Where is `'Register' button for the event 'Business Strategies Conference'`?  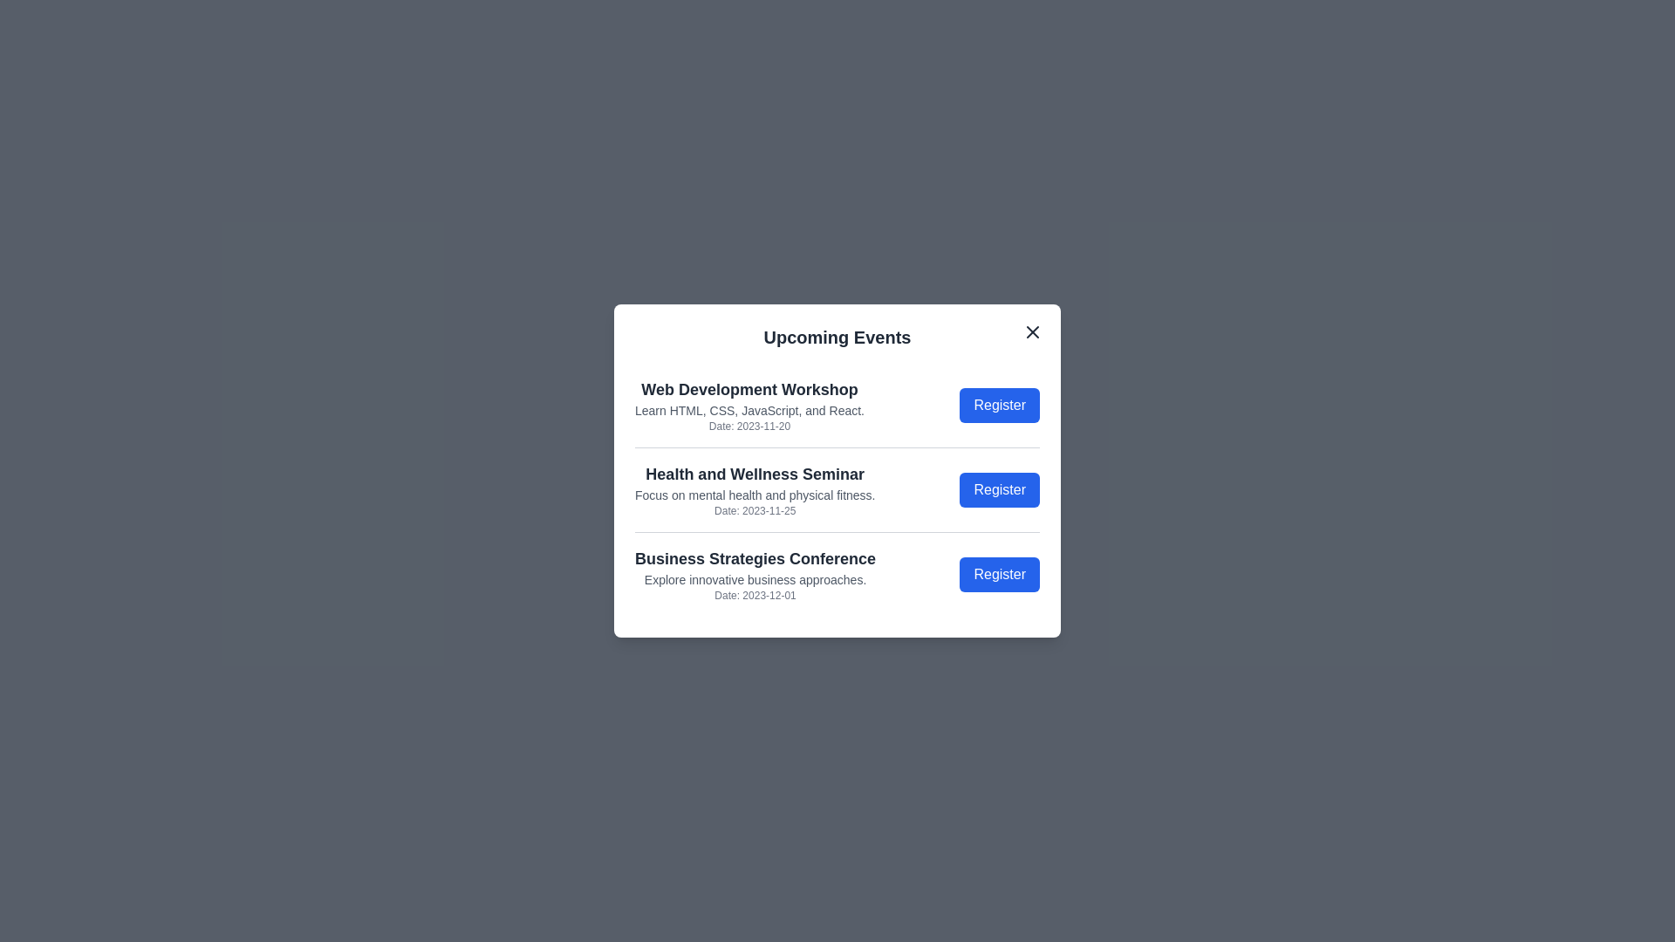
'Register' button for the event 'Business Strategies Conference' is located at coordinates (1000, 575).